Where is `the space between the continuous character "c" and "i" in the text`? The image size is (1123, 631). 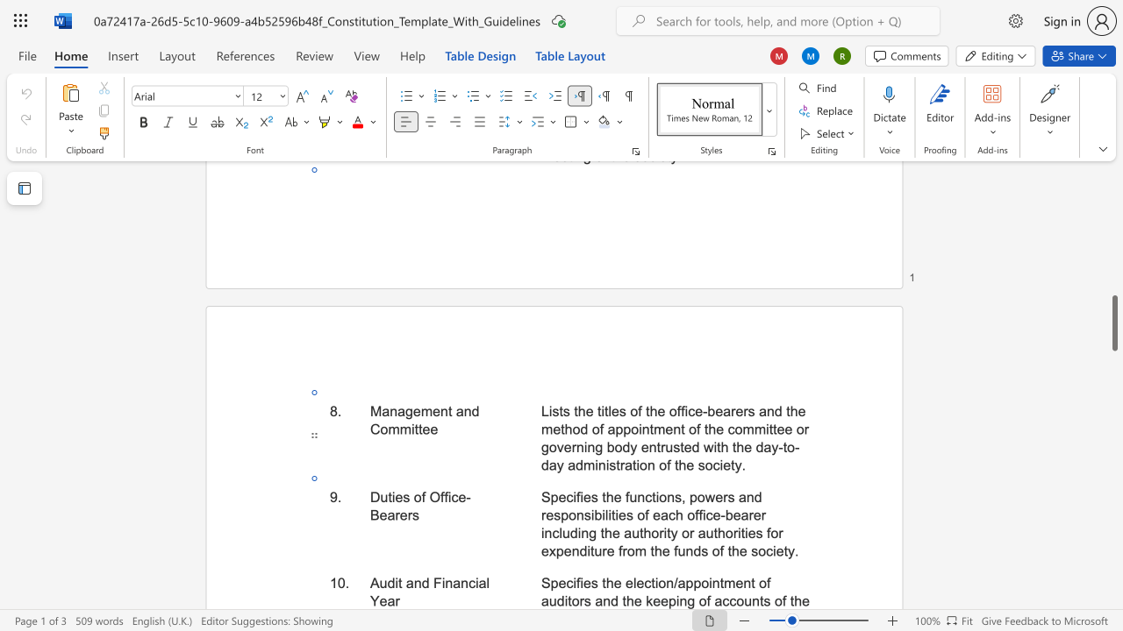 the space between the continuous character "c" and "i" in the text is located at coordinates (474, 583).